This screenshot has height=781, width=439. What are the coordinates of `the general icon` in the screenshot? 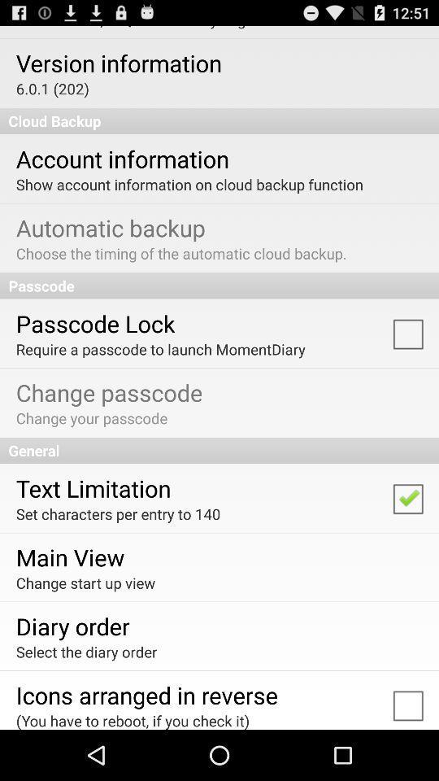 It's located at (219, 450).